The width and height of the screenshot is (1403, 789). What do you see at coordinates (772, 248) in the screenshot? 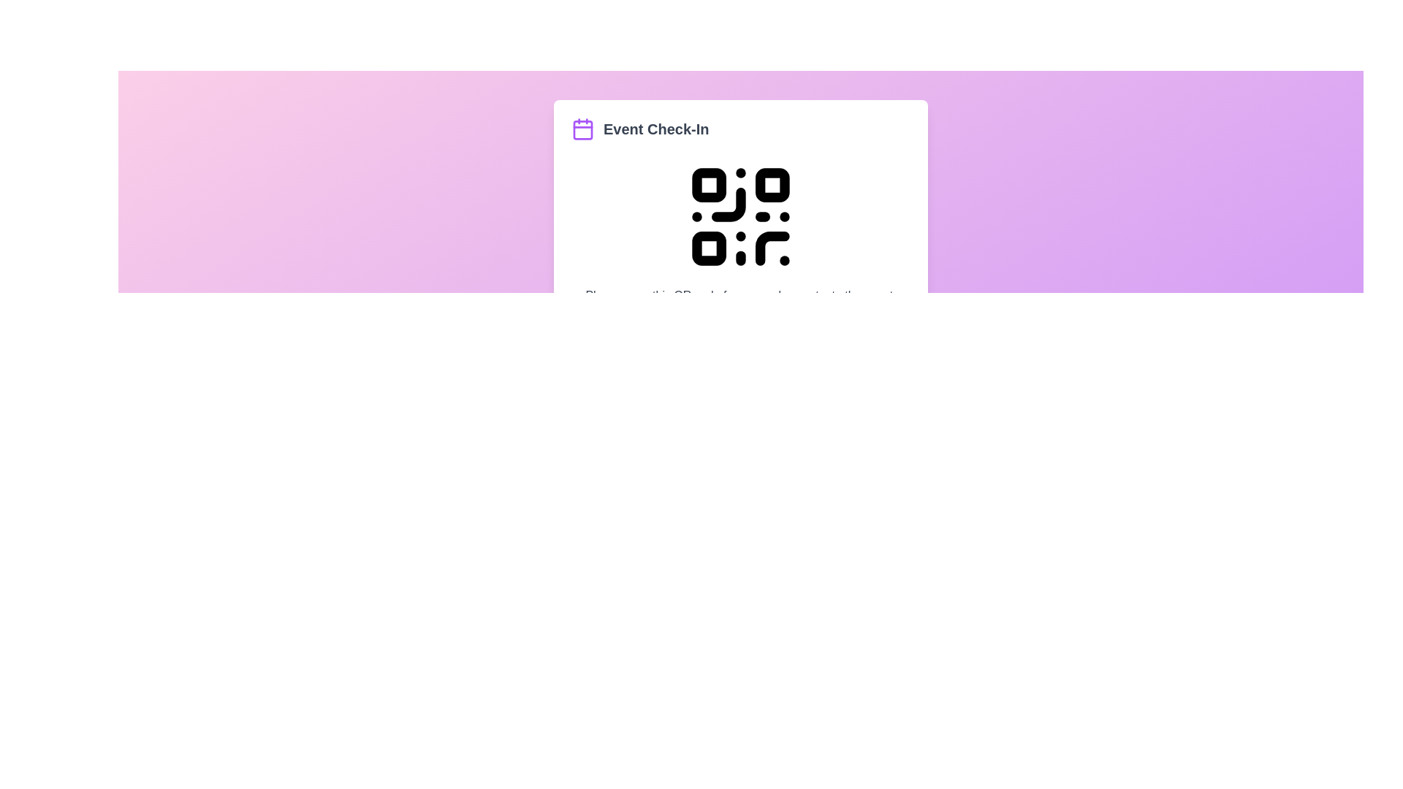
I see `the QR code segment located in the bottom-right region for content decoding` at bounding box center [772, 248].